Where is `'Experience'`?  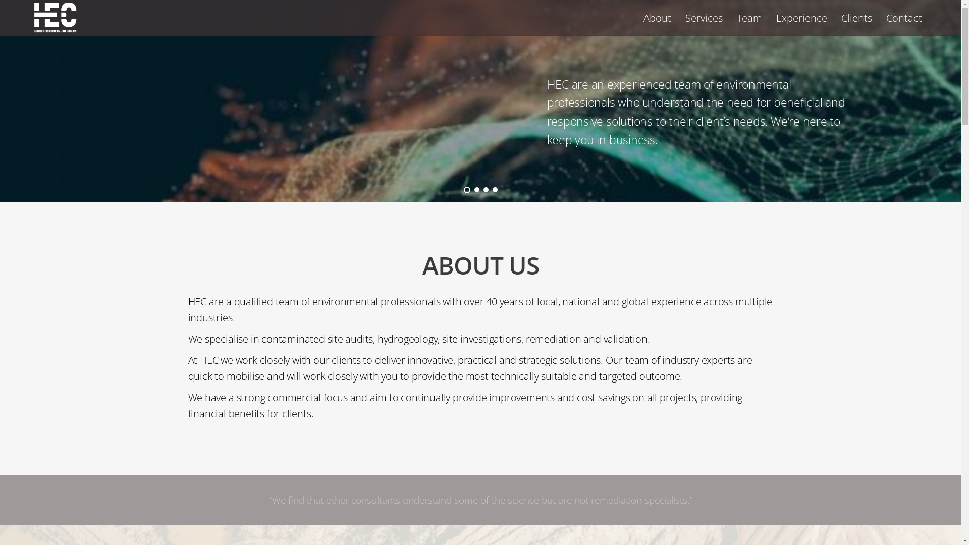 'Experience' is located at coordinates (801, 18).